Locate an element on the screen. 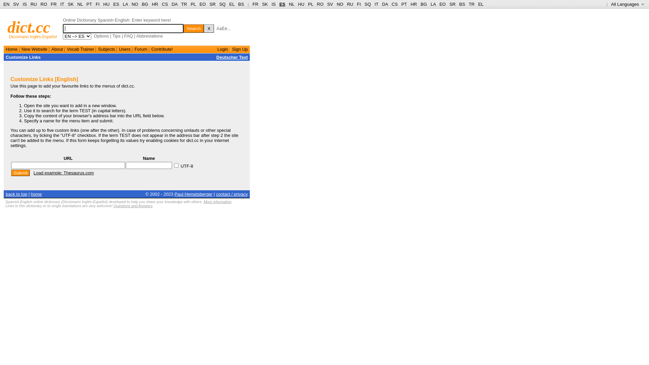 This screenshot has height=365, width=649. 'SQ' is located at coordinates (222, 4).